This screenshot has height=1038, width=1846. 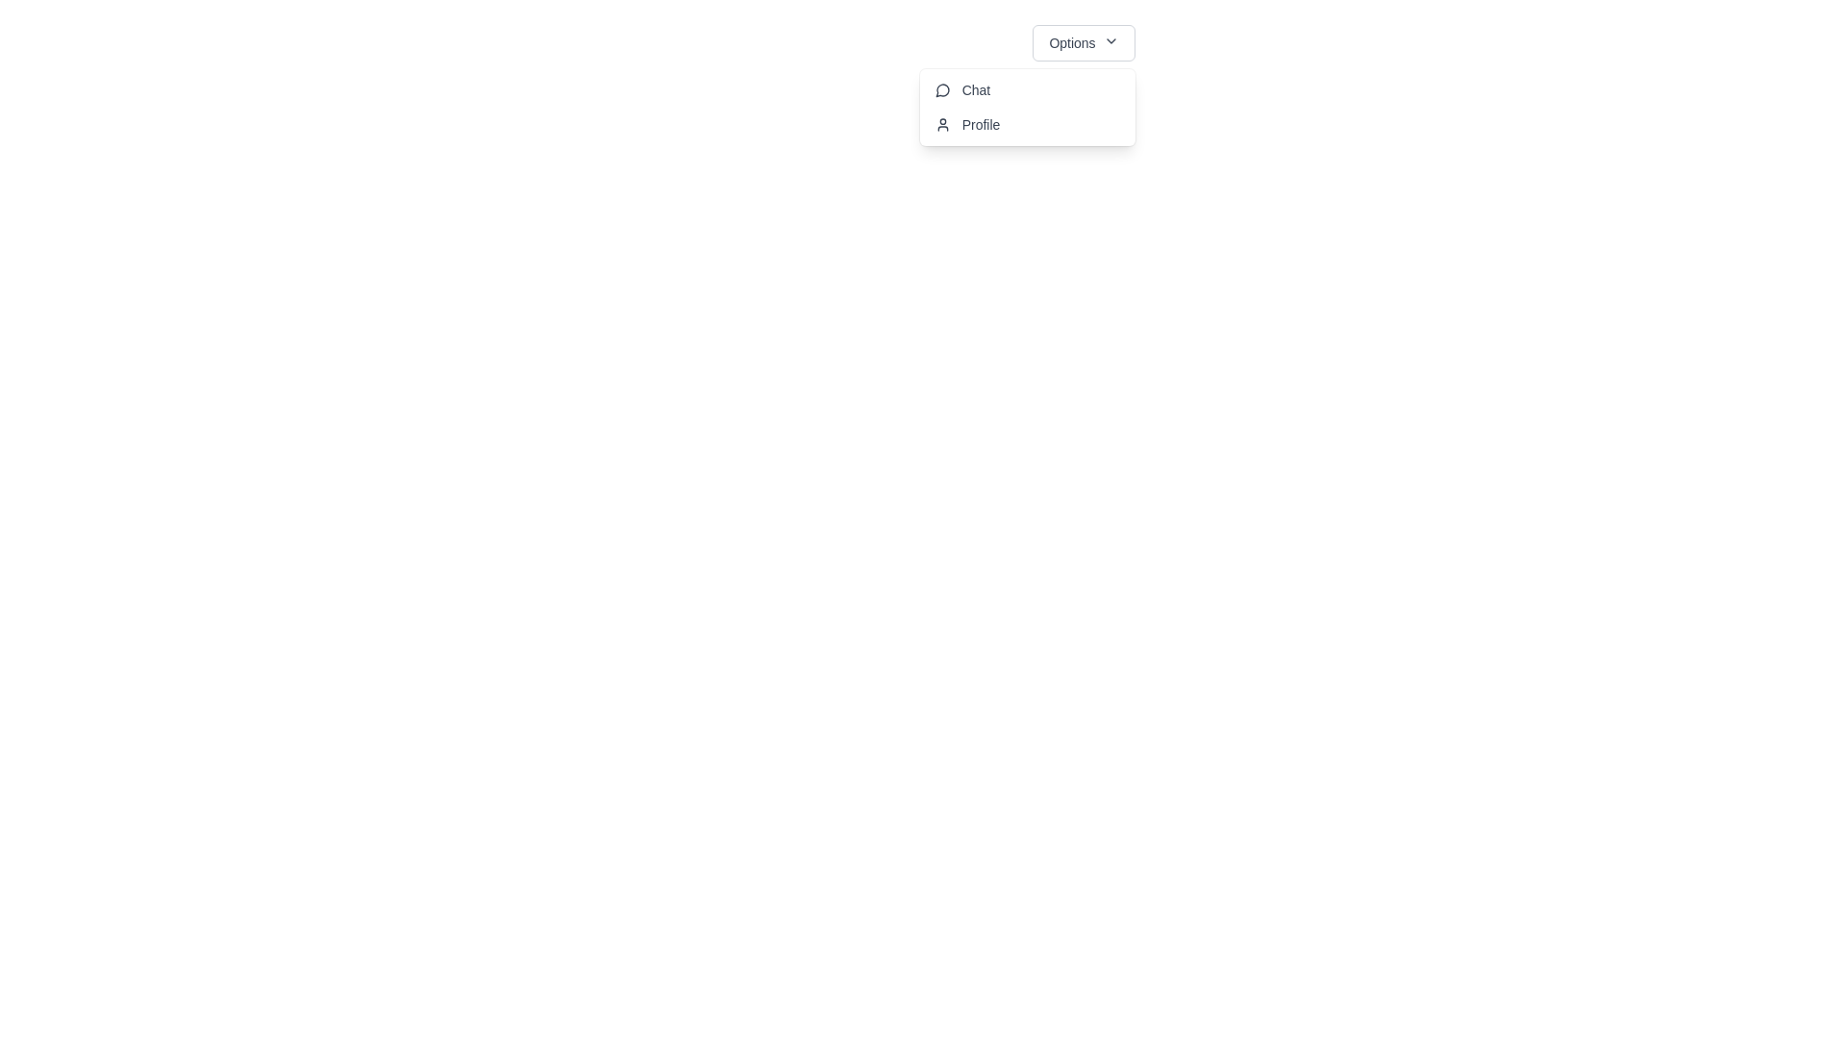 I want to click on the 'Options' dropdown button located at the top center of the interface, so click(x=1084, y=43).